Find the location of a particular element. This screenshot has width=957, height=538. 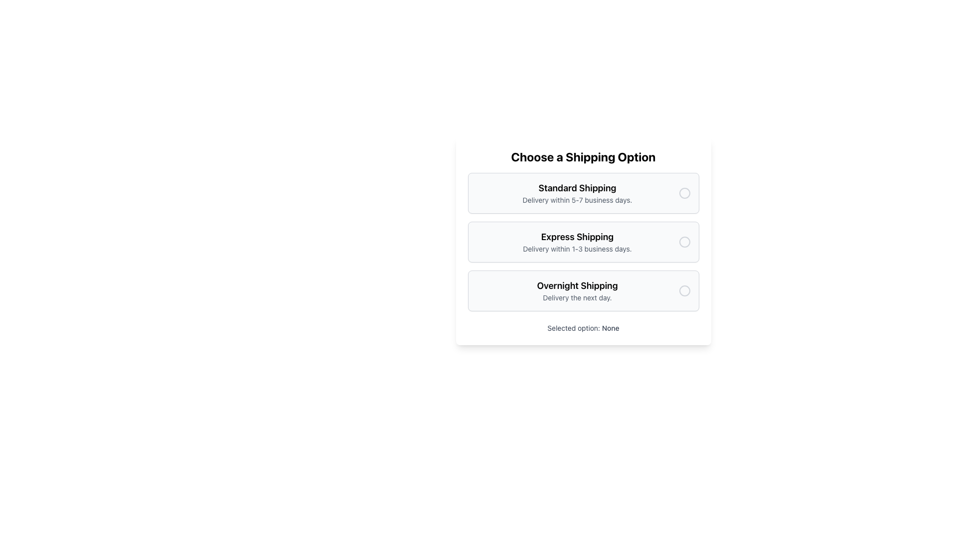

the circular radio button for 'Overnight Shipping' is located at coordinates (684, 290).